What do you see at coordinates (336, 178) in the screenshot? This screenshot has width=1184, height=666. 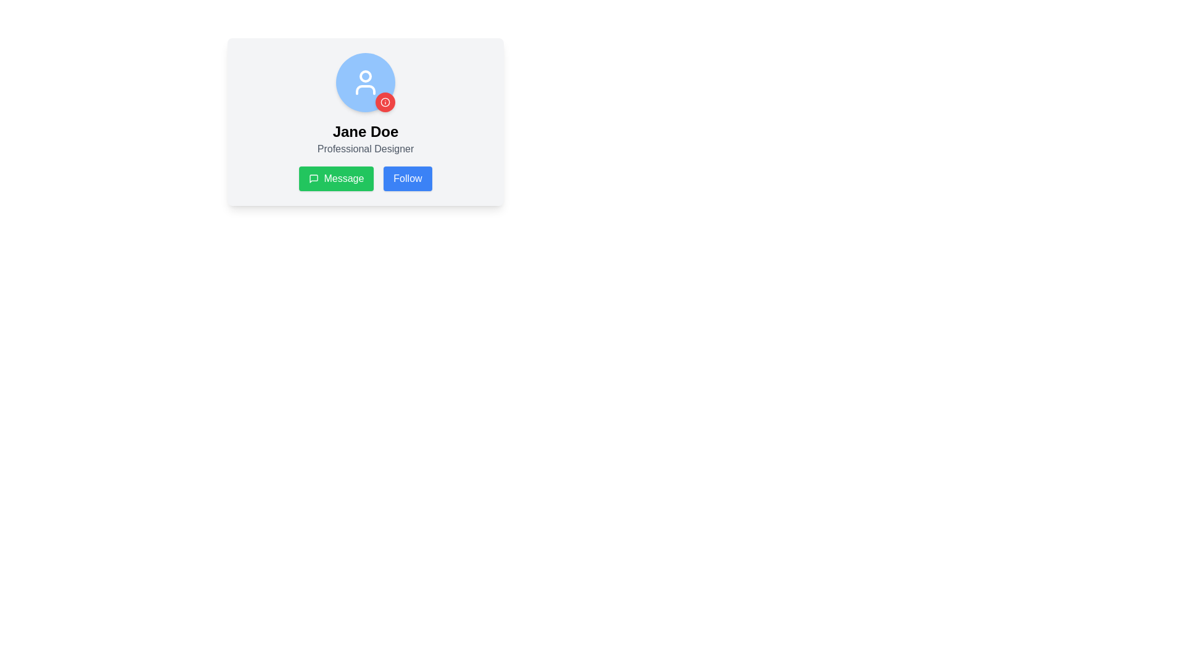 I see `the leftmost button beneath the user profile section` at bounding box center [336, 178].